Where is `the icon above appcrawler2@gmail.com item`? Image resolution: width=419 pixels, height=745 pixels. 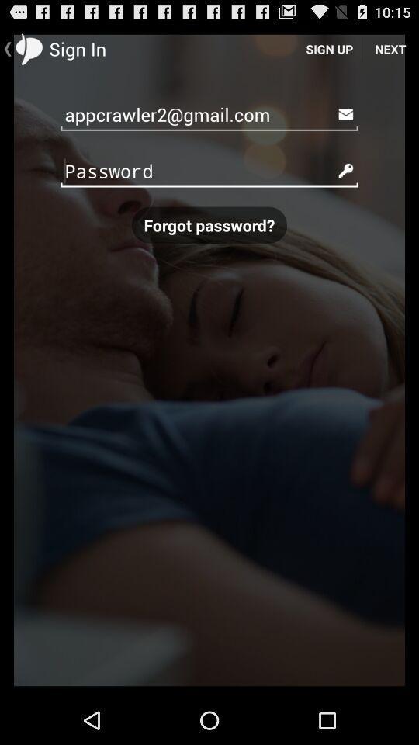 the icon above appcrawler2@gmail.com item is located at coordinates (328, 48).